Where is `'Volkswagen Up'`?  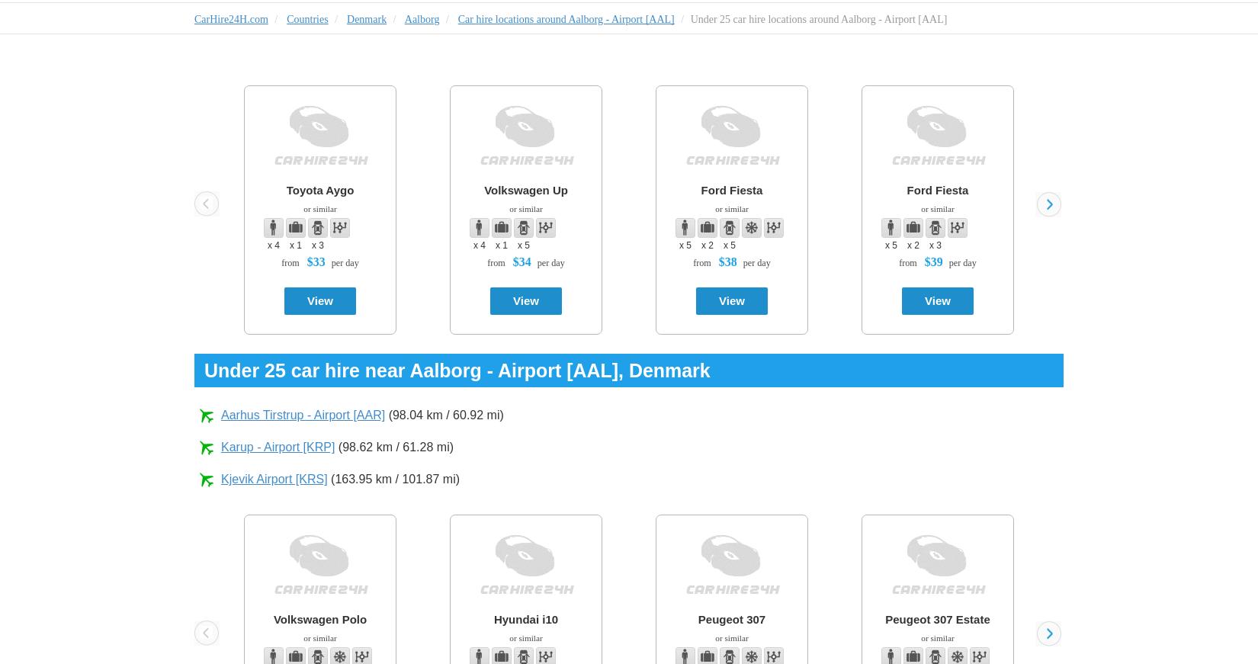 'Volkswagen Up' is located at coordinates (483, 190).